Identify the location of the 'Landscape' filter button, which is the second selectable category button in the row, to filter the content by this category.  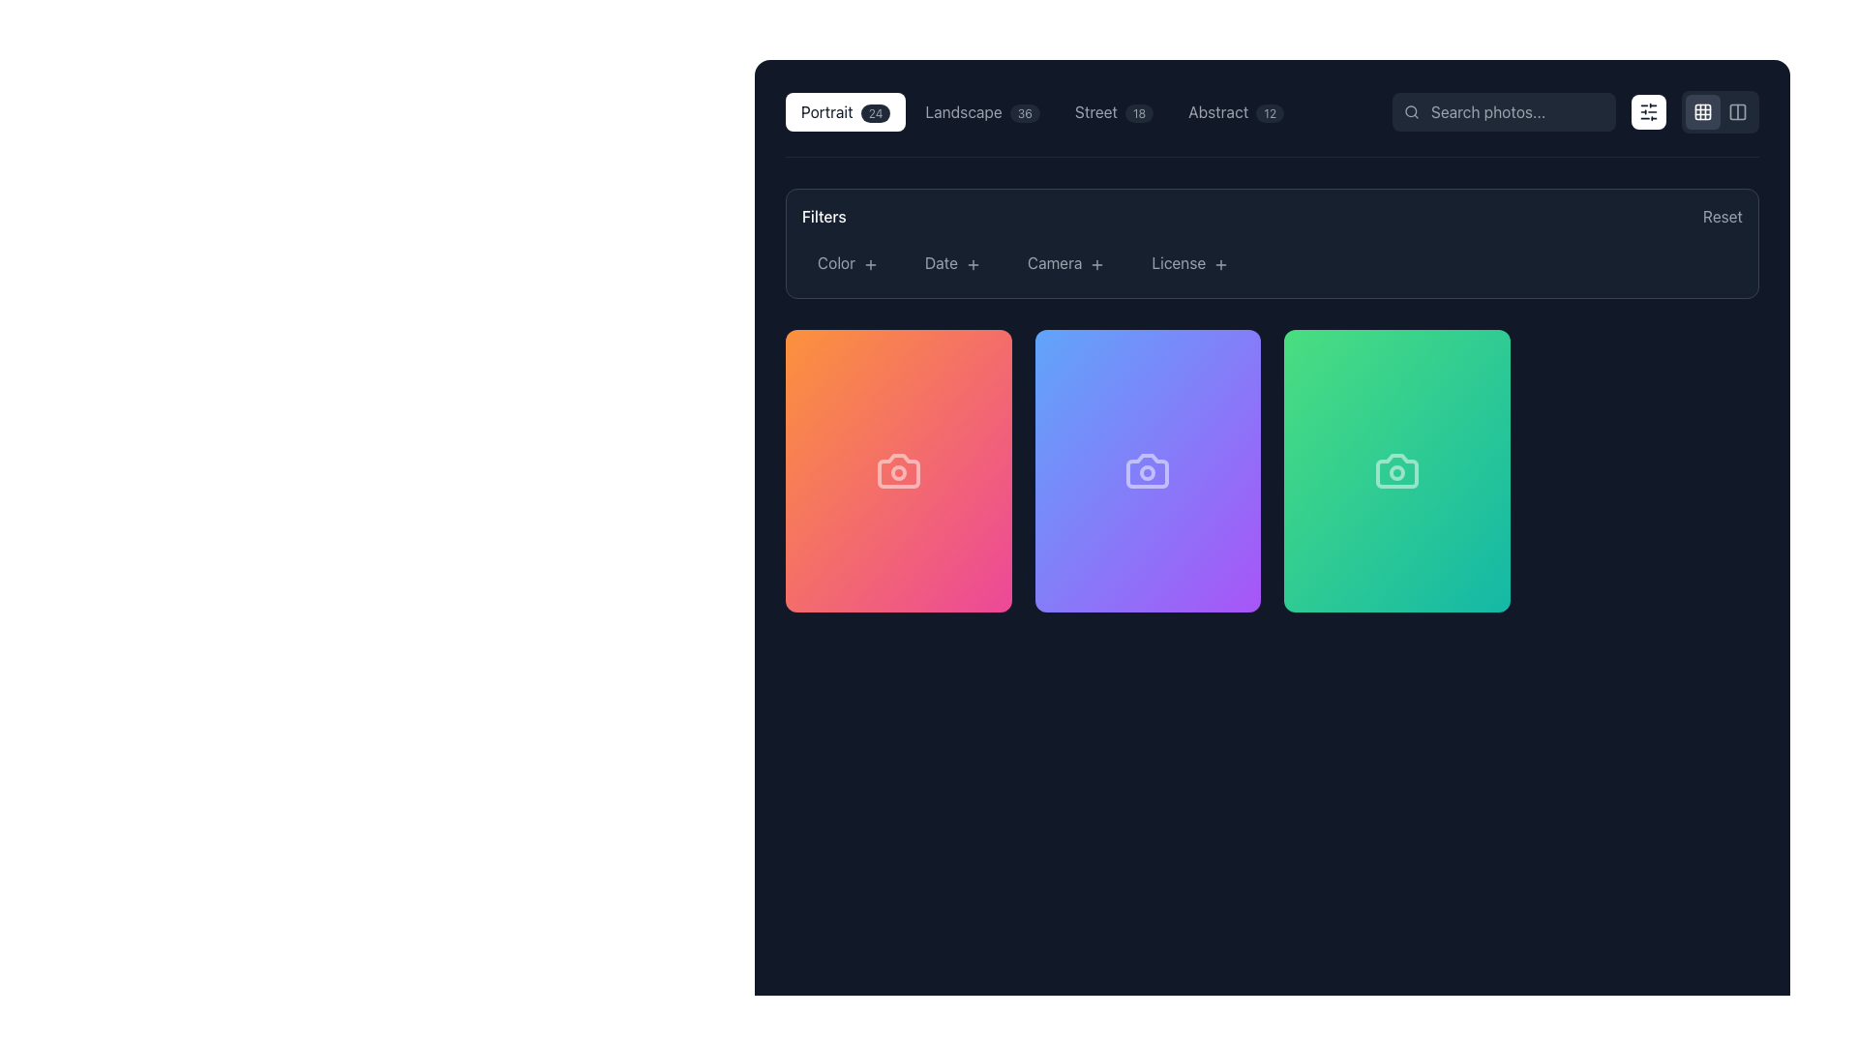
(1041, 111).